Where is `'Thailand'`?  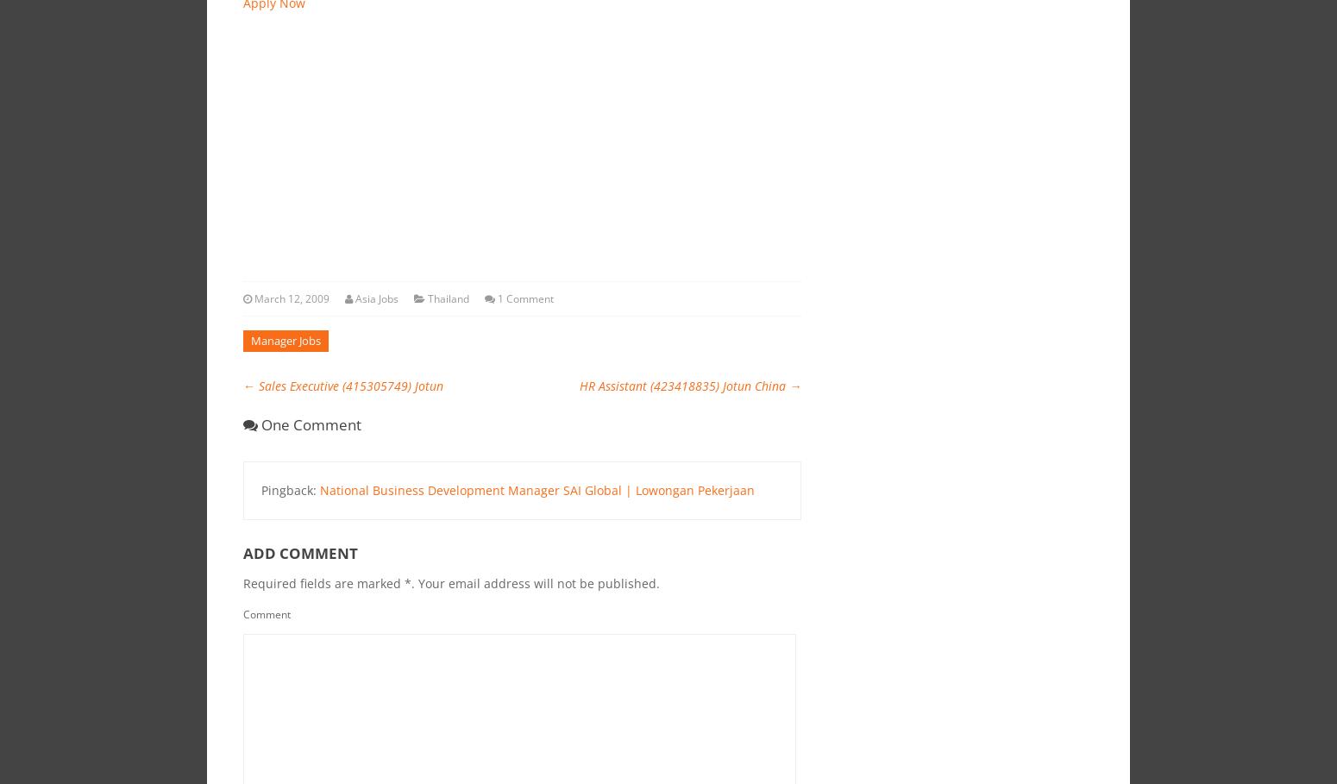
'Thailand' is located at coordinates (446, 298).